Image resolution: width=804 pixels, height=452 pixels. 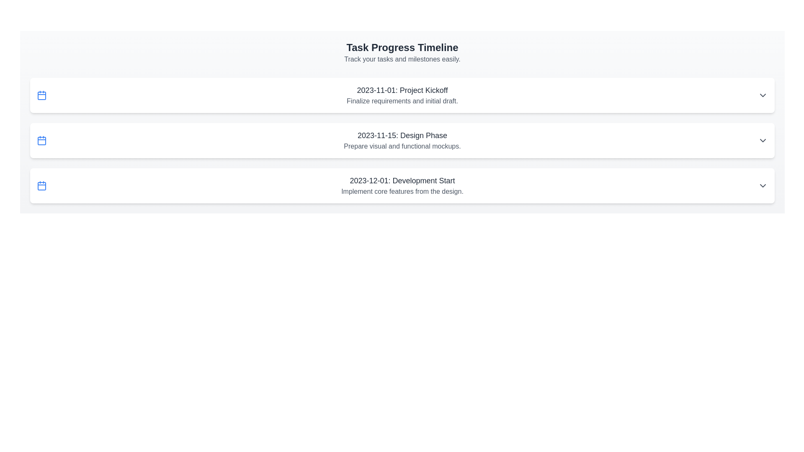 What do you see at coordinates (41, 95) in the screenshot?
I see `the calendar icon located to the far left of the box displaying '2023-11-01: Project Kickoff'` at bounding box center [41, 95].